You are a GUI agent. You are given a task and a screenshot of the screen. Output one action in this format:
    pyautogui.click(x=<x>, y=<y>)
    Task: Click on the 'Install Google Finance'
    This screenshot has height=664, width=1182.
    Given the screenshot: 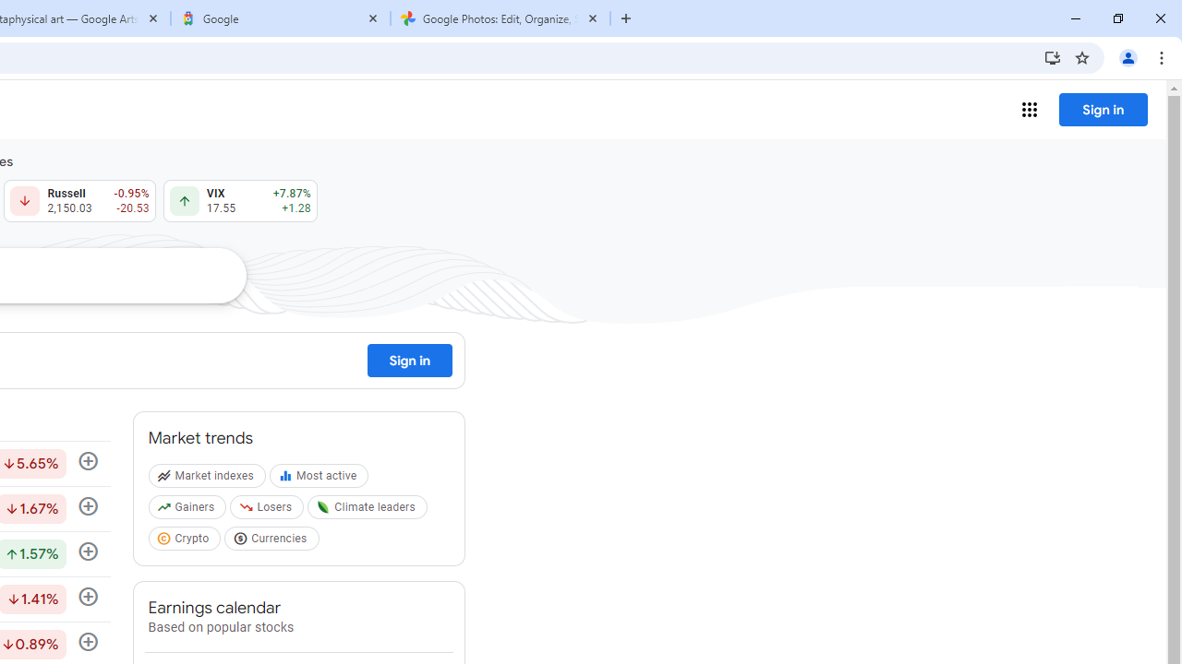 What is the action you would take?
    pyautogui.click(x=1052, y=56)
    